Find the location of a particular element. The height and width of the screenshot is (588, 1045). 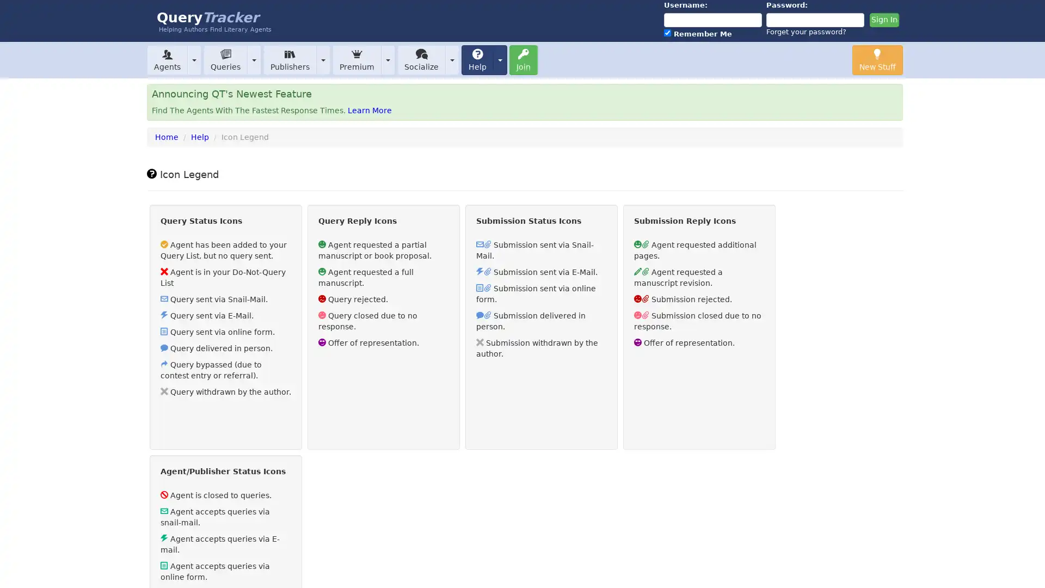

Toggle Dropdown is located at coordinates (323, 59).